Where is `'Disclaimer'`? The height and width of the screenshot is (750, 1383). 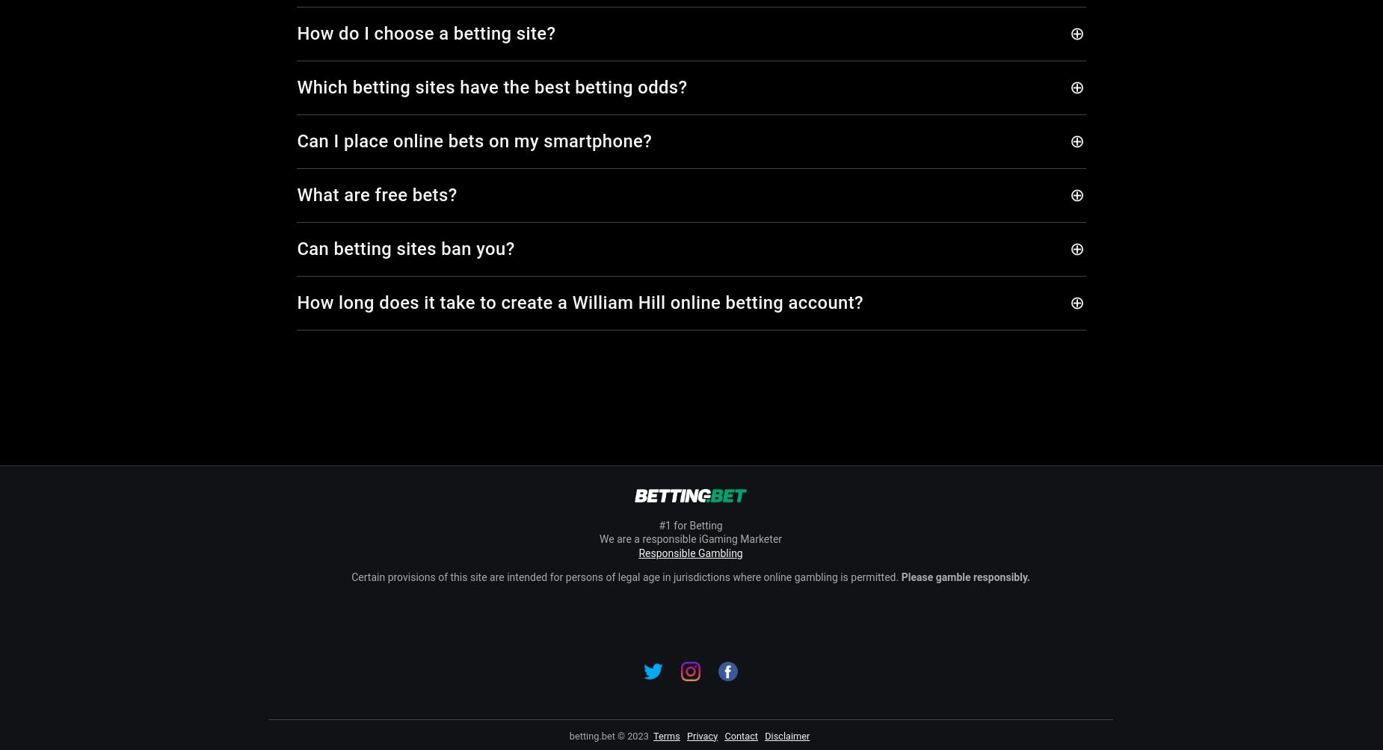
'Disclaimer' is located at coordinates (786, 734).